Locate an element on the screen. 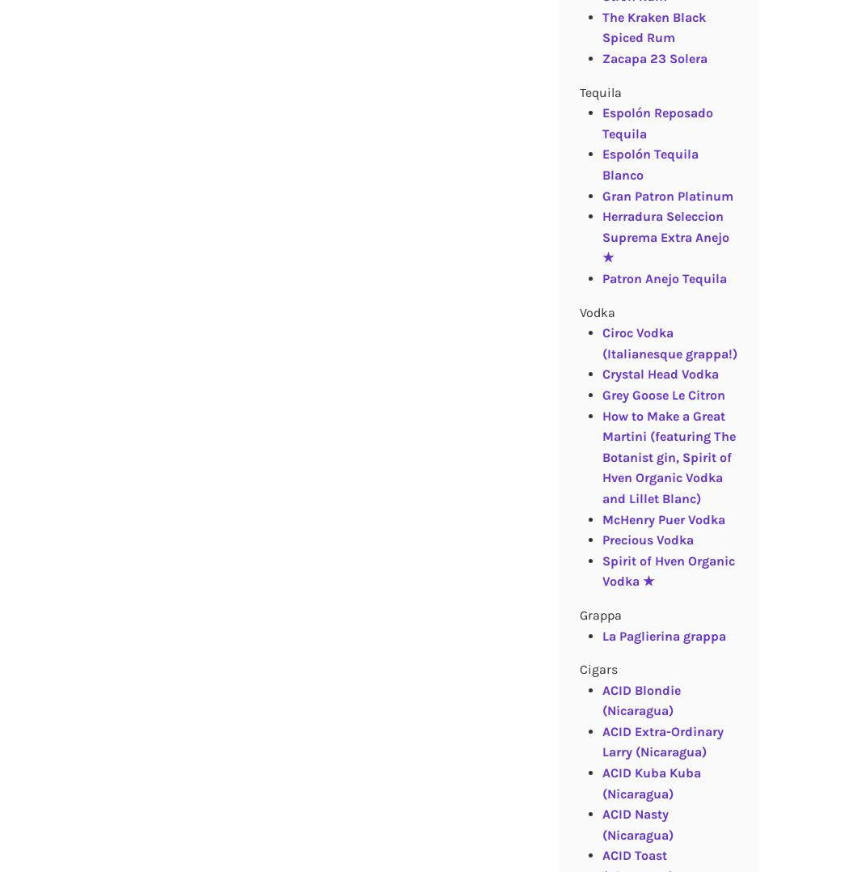 The width and height of the screenshot is (849, 872). 'Grey Goose Le Citron' is located at coordinates (662, 393).